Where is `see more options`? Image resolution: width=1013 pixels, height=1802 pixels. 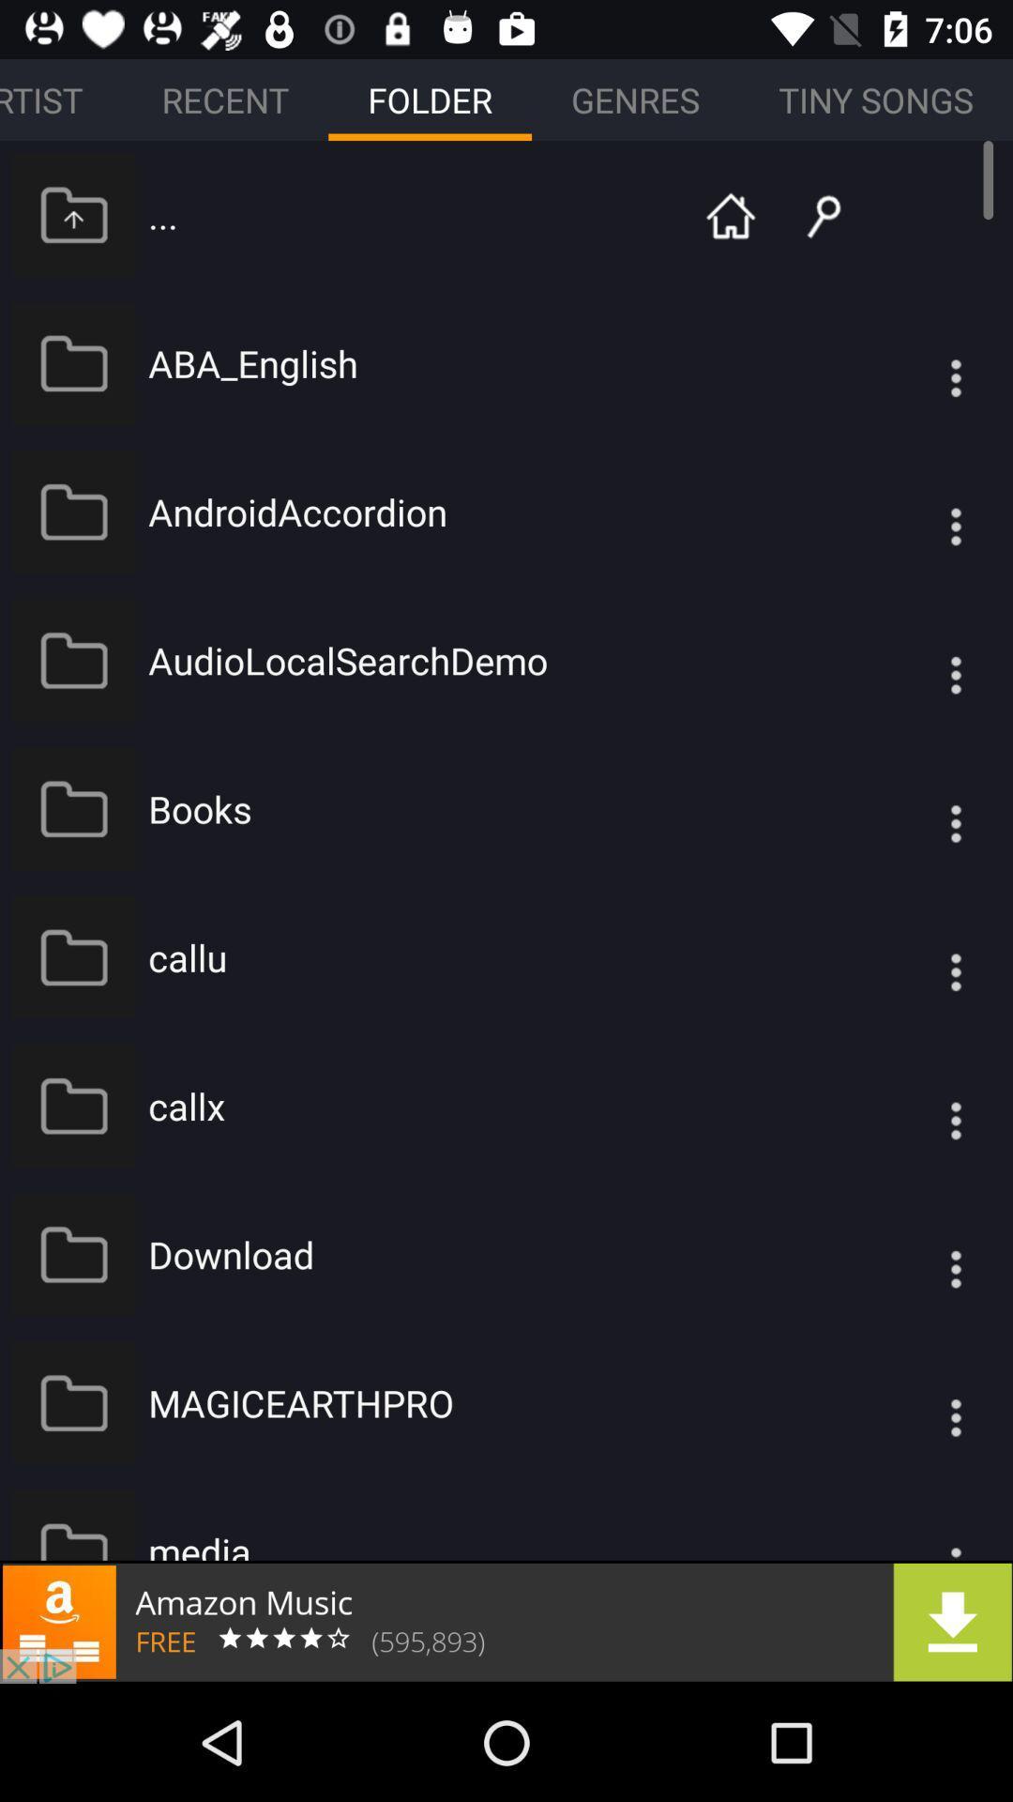
see more options is located at coordinates (917, 1254).